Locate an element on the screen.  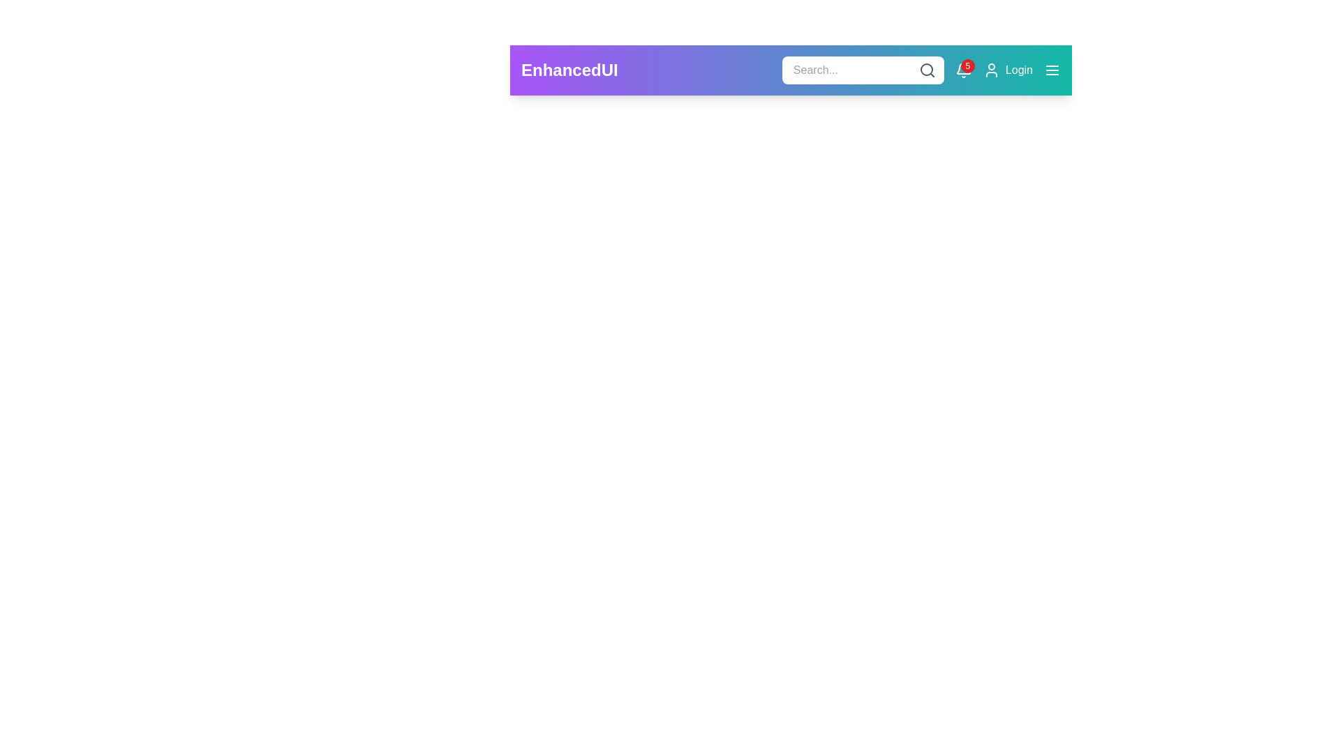
the notification icon (bell) is located at coordinates (962, 70).